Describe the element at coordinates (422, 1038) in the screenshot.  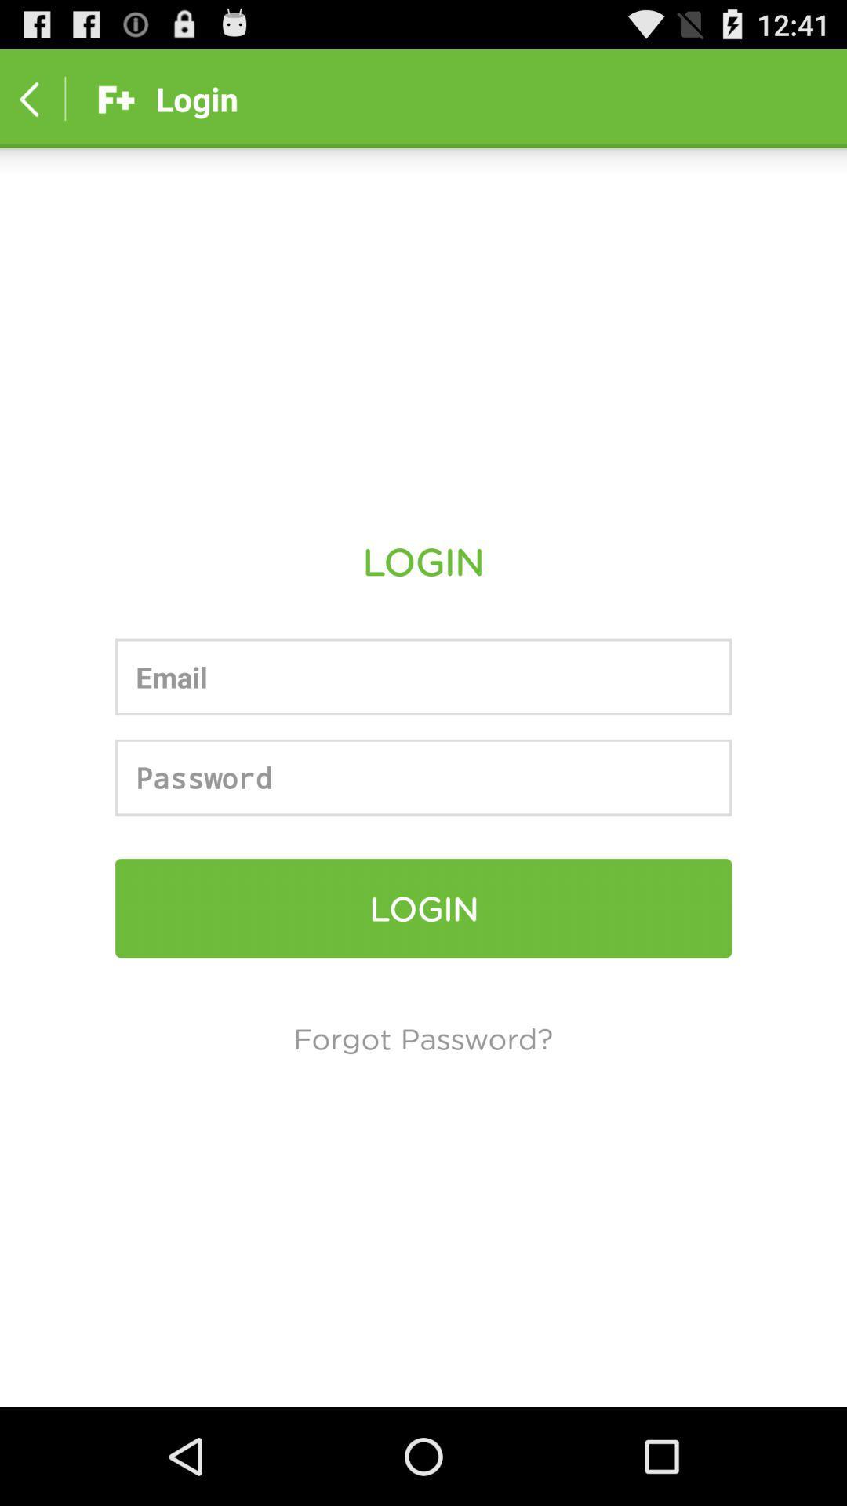
I see `the forgot password?` at that location.